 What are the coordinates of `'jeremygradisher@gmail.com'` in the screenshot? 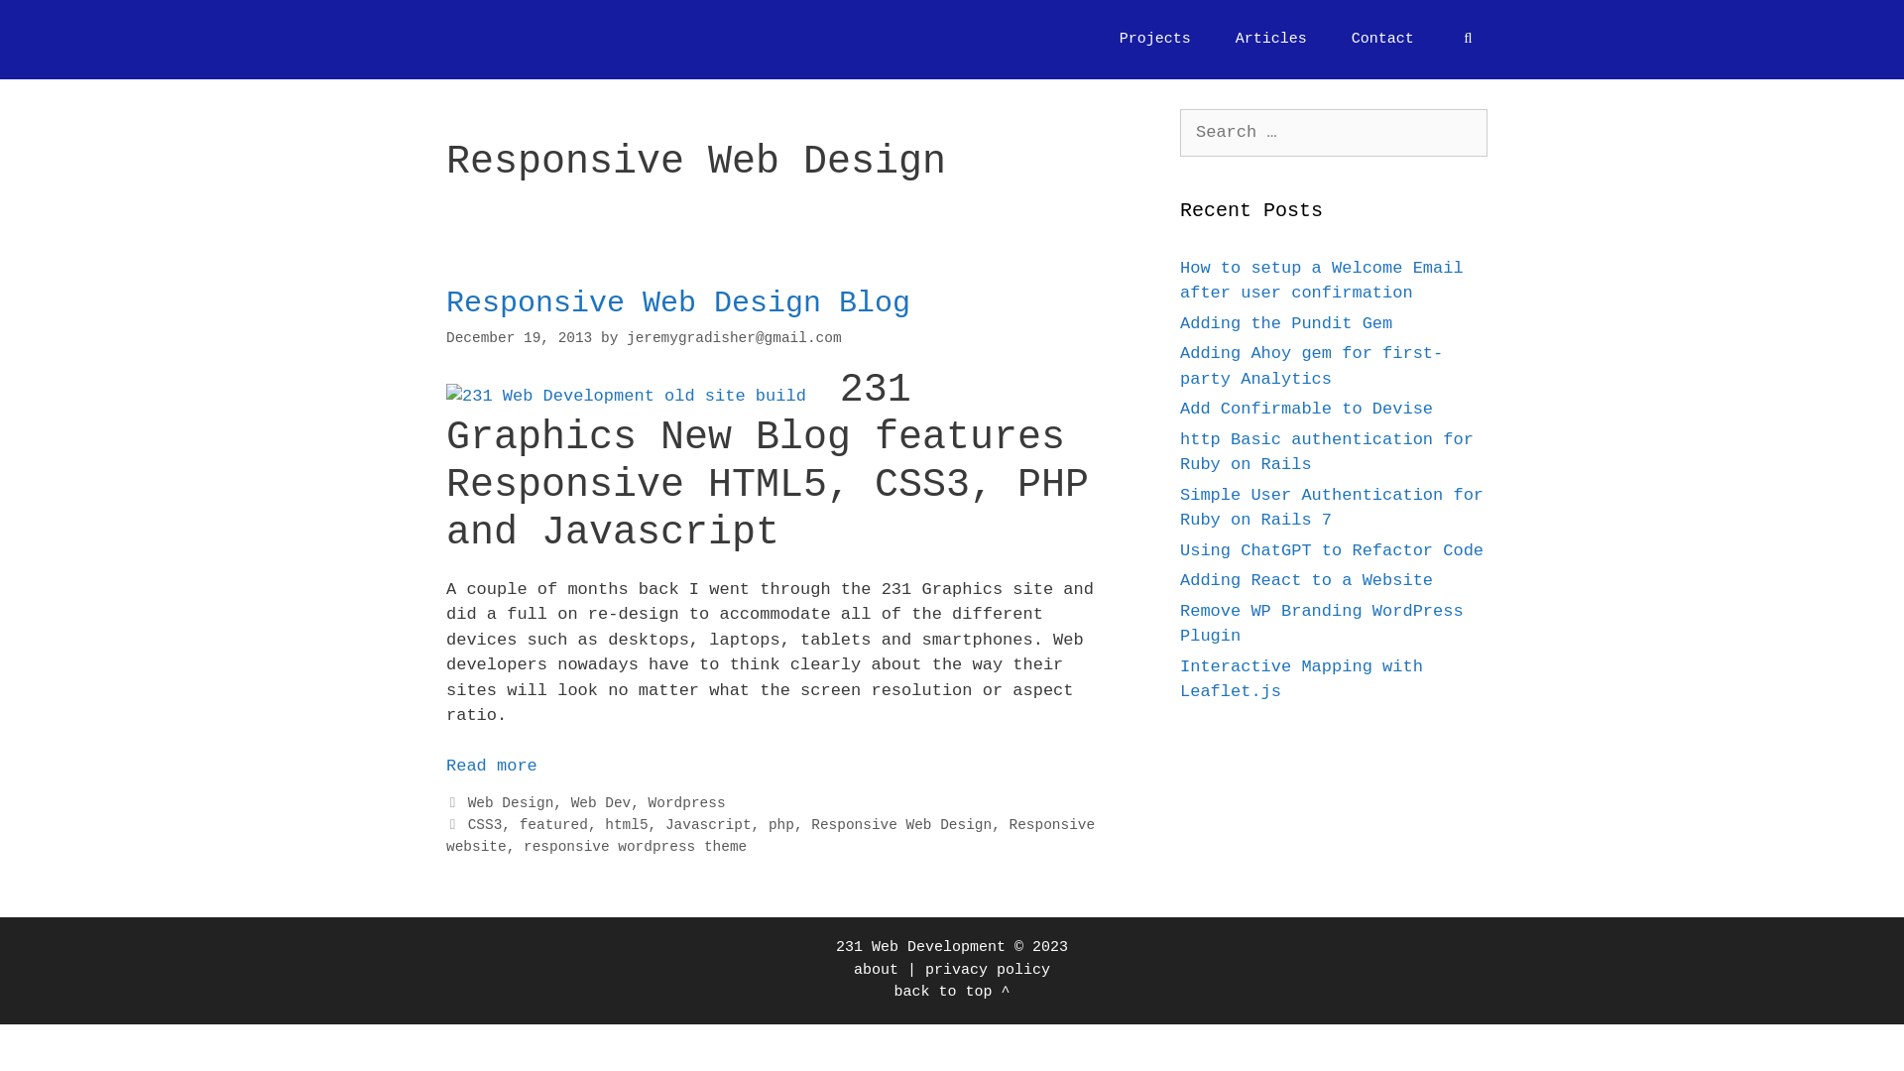 It's located at (733, 336).